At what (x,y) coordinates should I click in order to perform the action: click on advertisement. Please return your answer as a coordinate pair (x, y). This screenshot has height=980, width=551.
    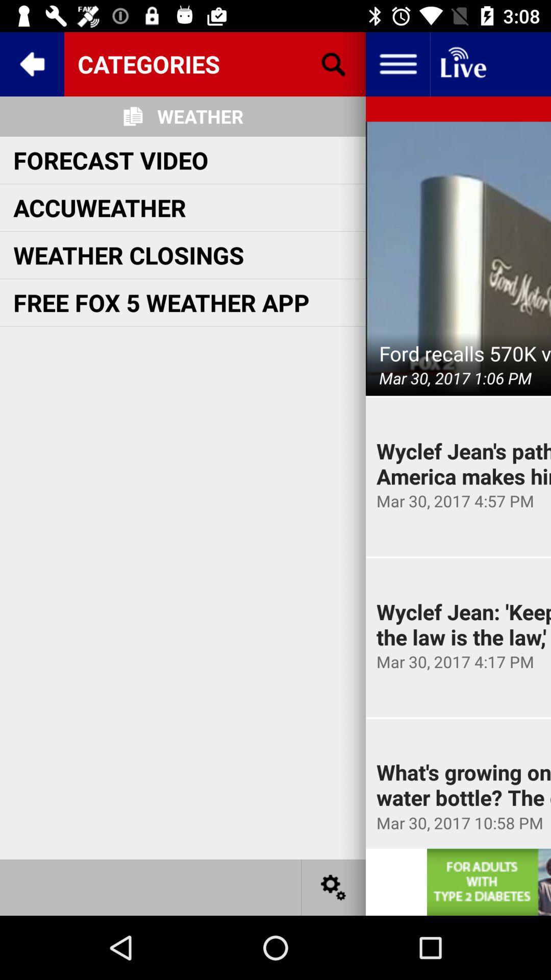
    Looking at the image, I should click on (488, 881).